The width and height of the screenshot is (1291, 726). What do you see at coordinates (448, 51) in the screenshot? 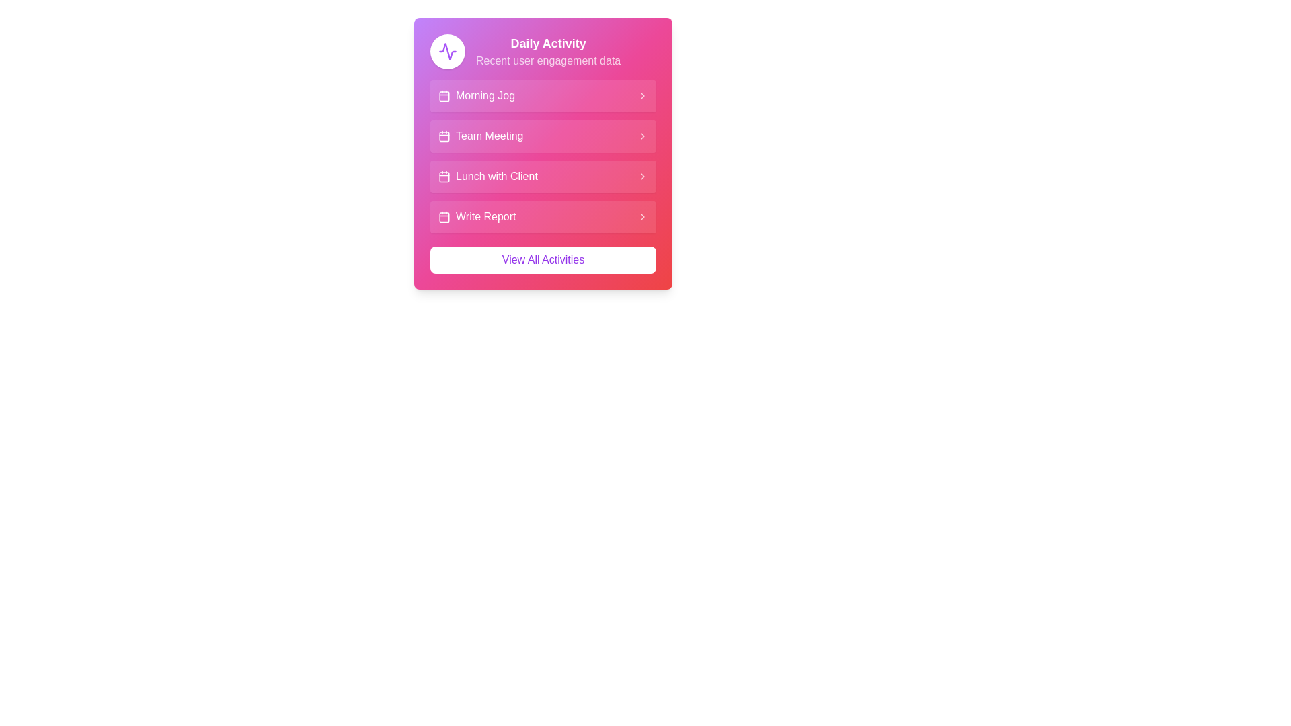
I see `the decorative icon representing activity or engagement located in the top-left corner of the 'Daily Activity' card, which is above the text content and to the left of the title and subtitle` at bounding box center [448, 51].